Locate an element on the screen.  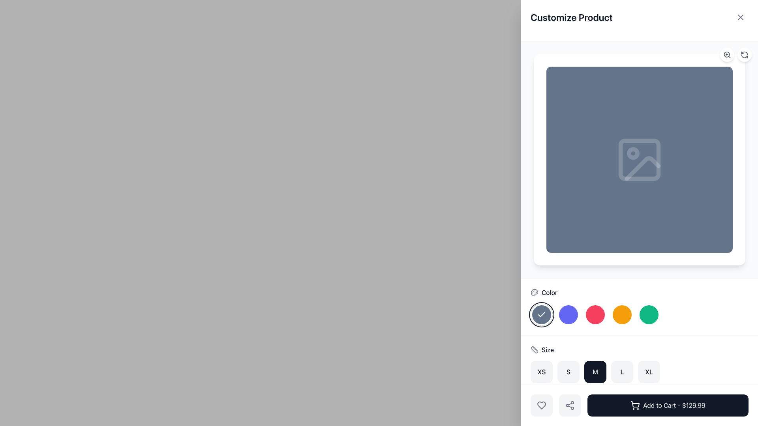
the decorative icon located to the left of the 'Size' label in the UI, which indicates measurements or sizing options is located at coordinates (534, 349).